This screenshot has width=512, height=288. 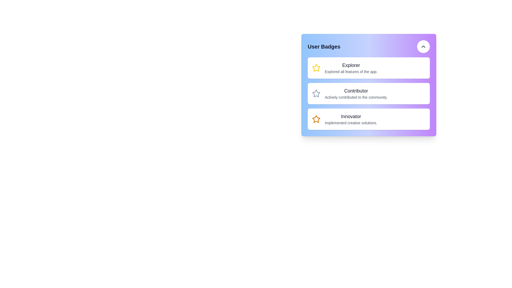 What do you see at coordinates (316, 67) in the screenshot?
I see `the star icon with a bright yellow fill and outlined design, which is the first badge in the vertical list beside the 'Explorer' title in the 'User Badges' card for more details` at bounding box center [316, 67].